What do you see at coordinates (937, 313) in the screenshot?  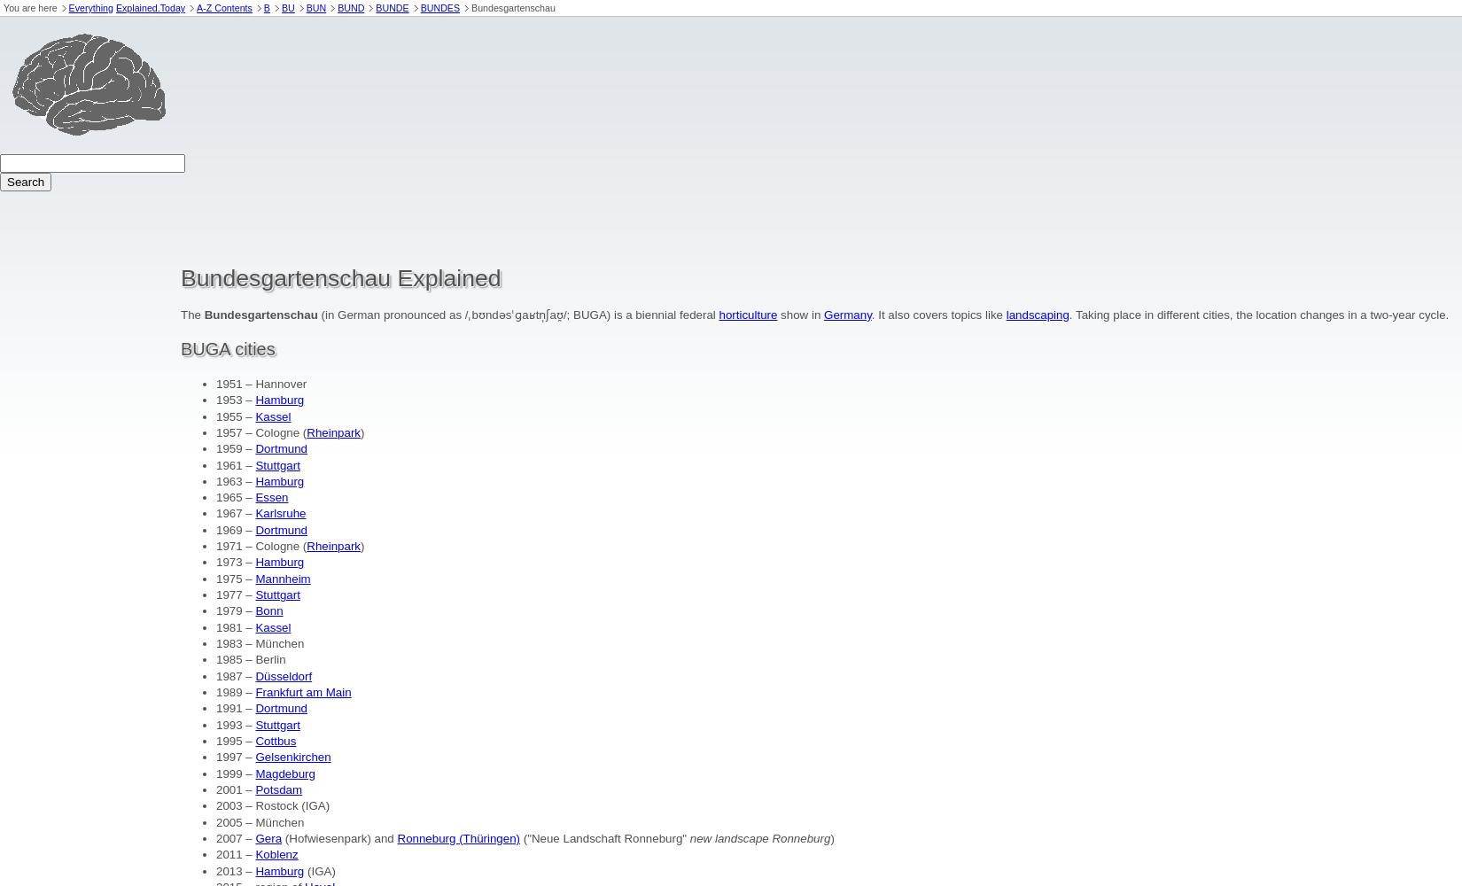 I see `'. It also covers topics like'` at bounding box center [937, 313].